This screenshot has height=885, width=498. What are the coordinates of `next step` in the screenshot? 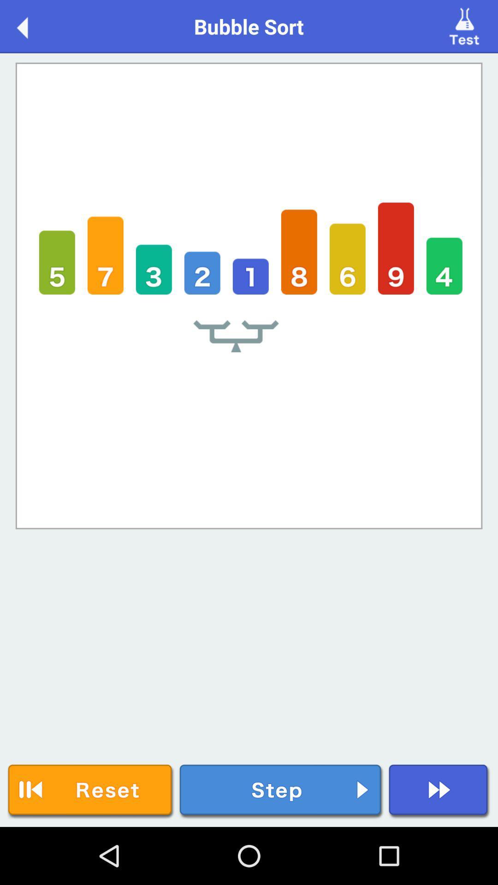 It's located at (281, 791).